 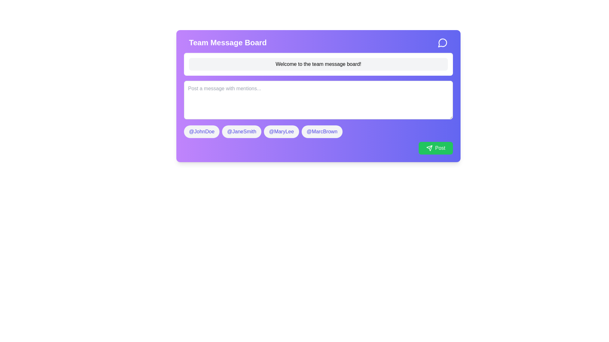 I want to click on text 'Post' within the green button located at the bottom right corner of the purple message board to understand its purpose, so click(x=440, y=148).